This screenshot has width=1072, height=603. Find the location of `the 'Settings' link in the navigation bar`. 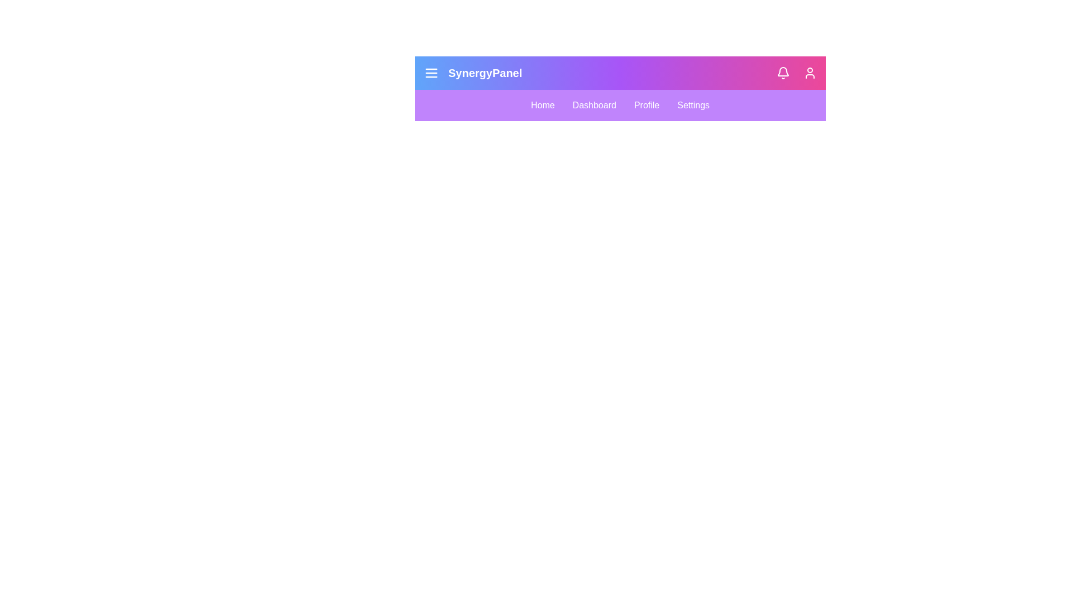

the 'Settings' link in the navigation bar is located at coordinates (693, 106).